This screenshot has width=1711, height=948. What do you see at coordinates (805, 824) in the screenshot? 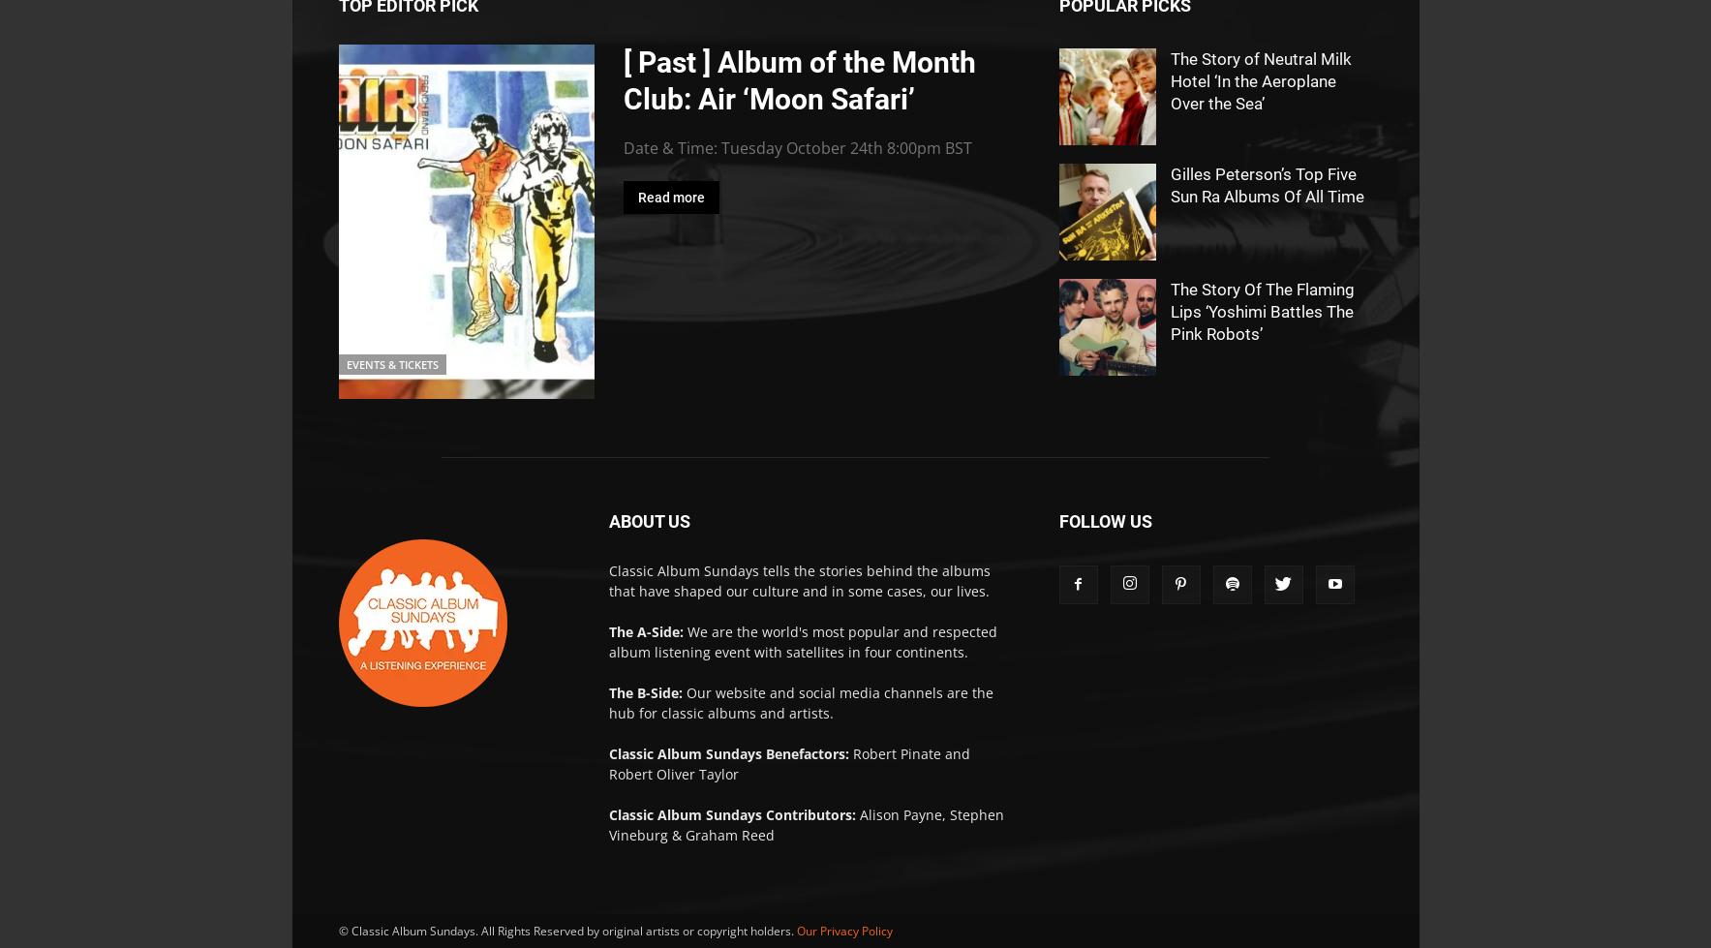
I see `'Alison Payne, Stephen Vineburg & Graham Reed'` at bounding box center [805, 824].